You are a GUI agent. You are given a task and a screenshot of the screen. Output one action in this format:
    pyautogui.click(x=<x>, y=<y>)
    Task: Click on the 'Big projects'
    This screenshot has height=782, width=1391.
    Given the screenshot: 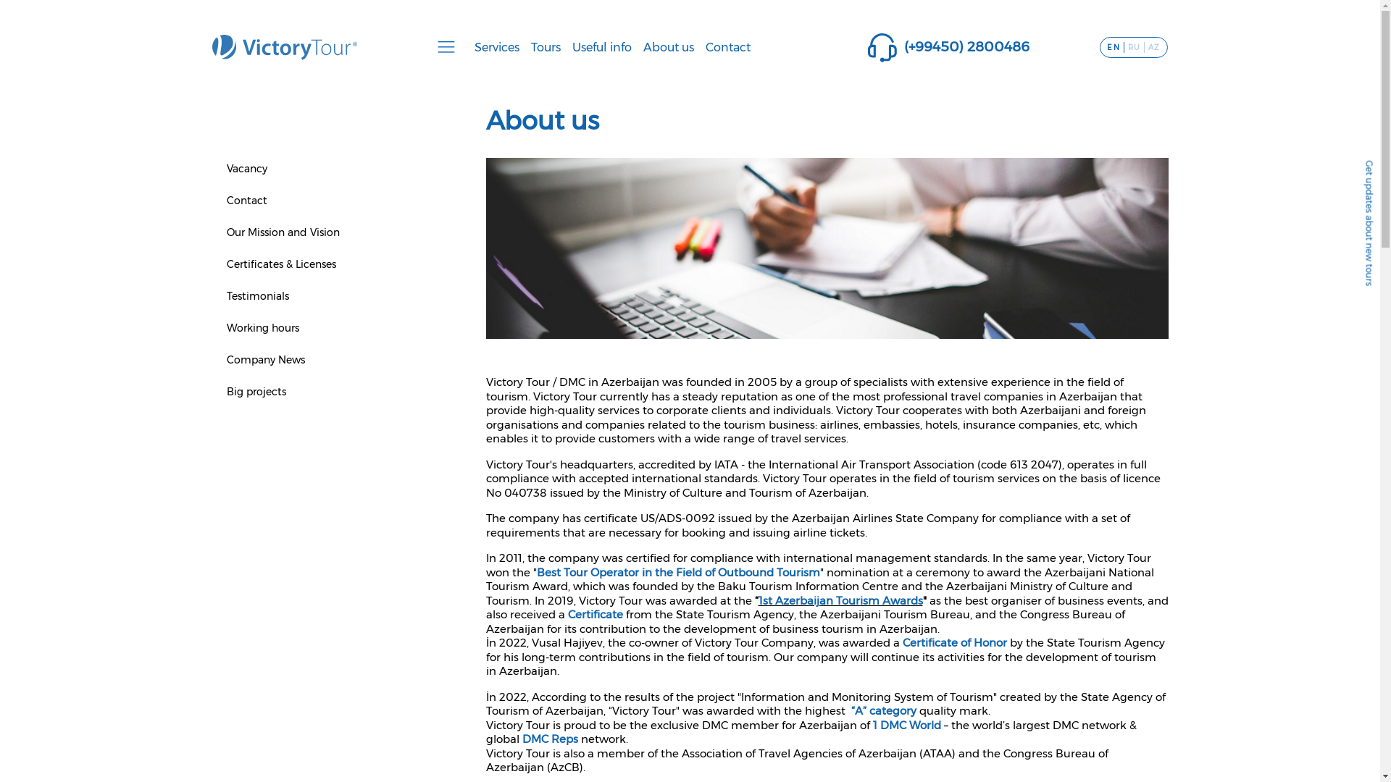 What is the action you would take?
    pyautogui.click(x=256, y=391)
    